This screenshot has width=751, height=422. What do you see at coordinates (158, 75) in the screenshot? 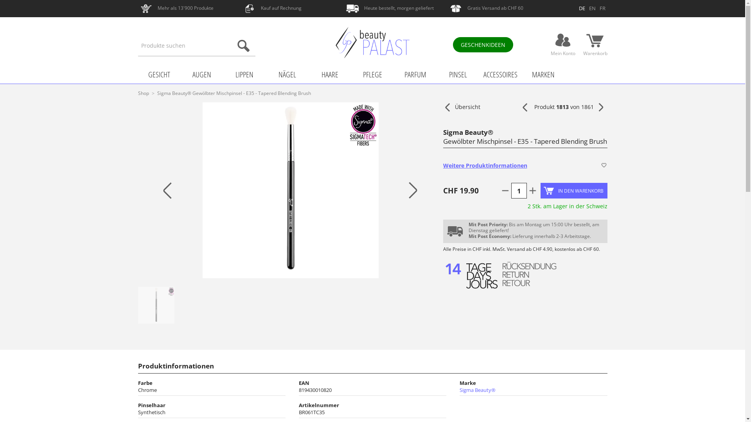
I see `'GESICHT'` at bounding box center [158, 75].